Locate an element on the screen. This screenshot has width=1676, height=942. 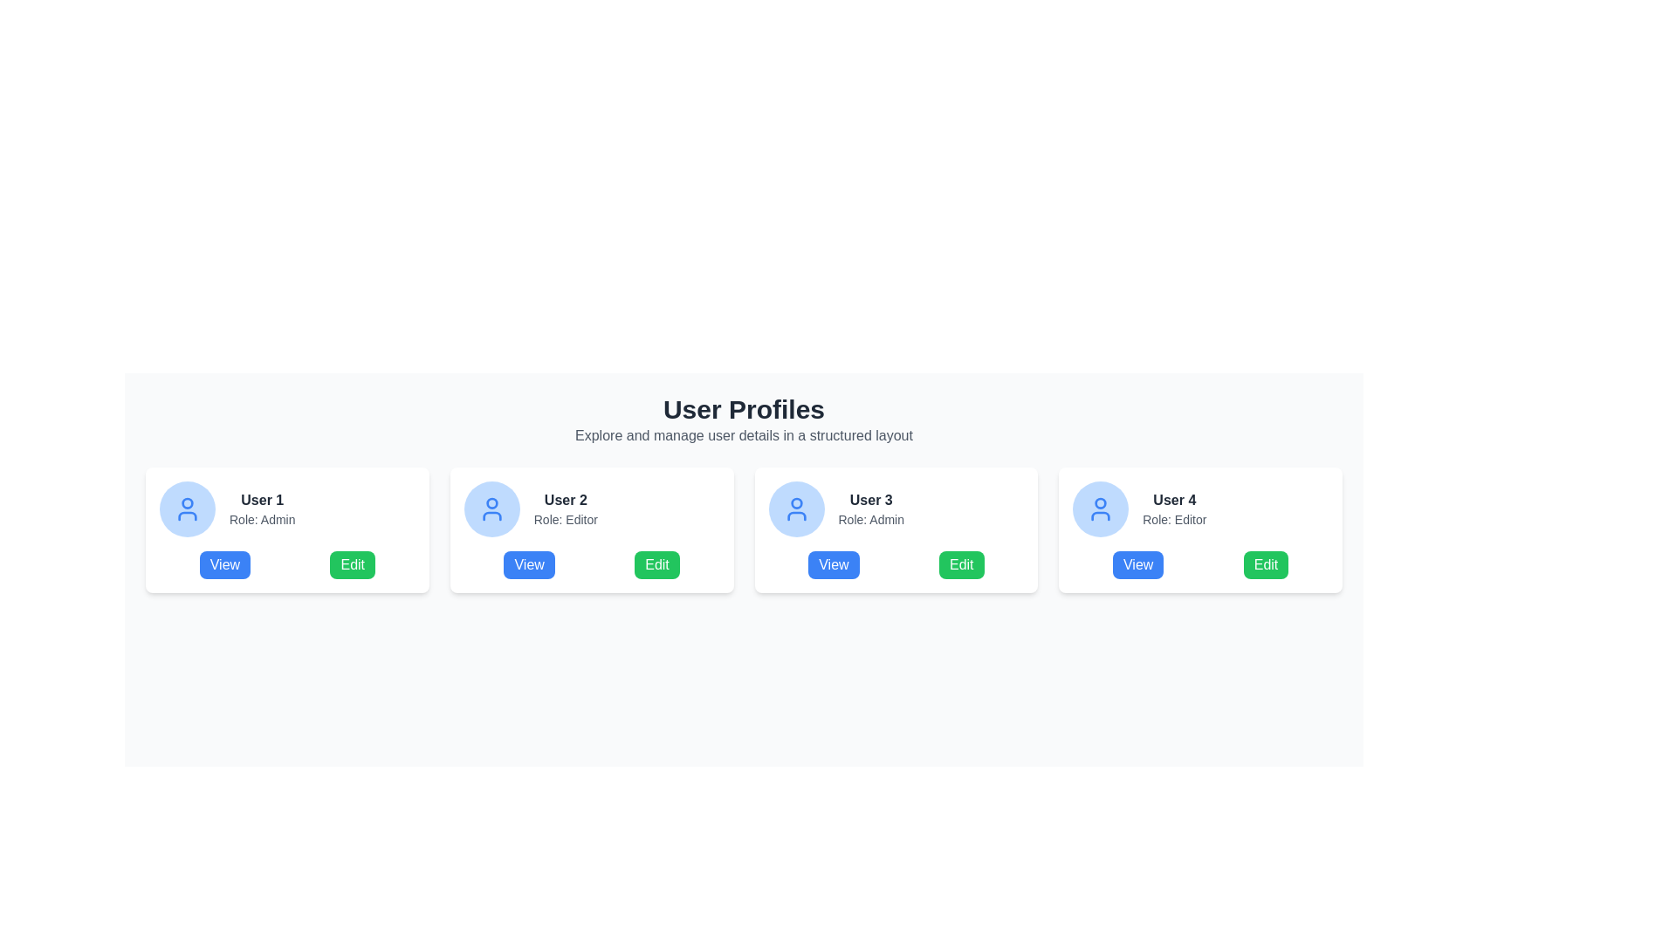
the edit button located at the bottom right of the card corresponding to 'User 3' is located at coordinates (960, 565).